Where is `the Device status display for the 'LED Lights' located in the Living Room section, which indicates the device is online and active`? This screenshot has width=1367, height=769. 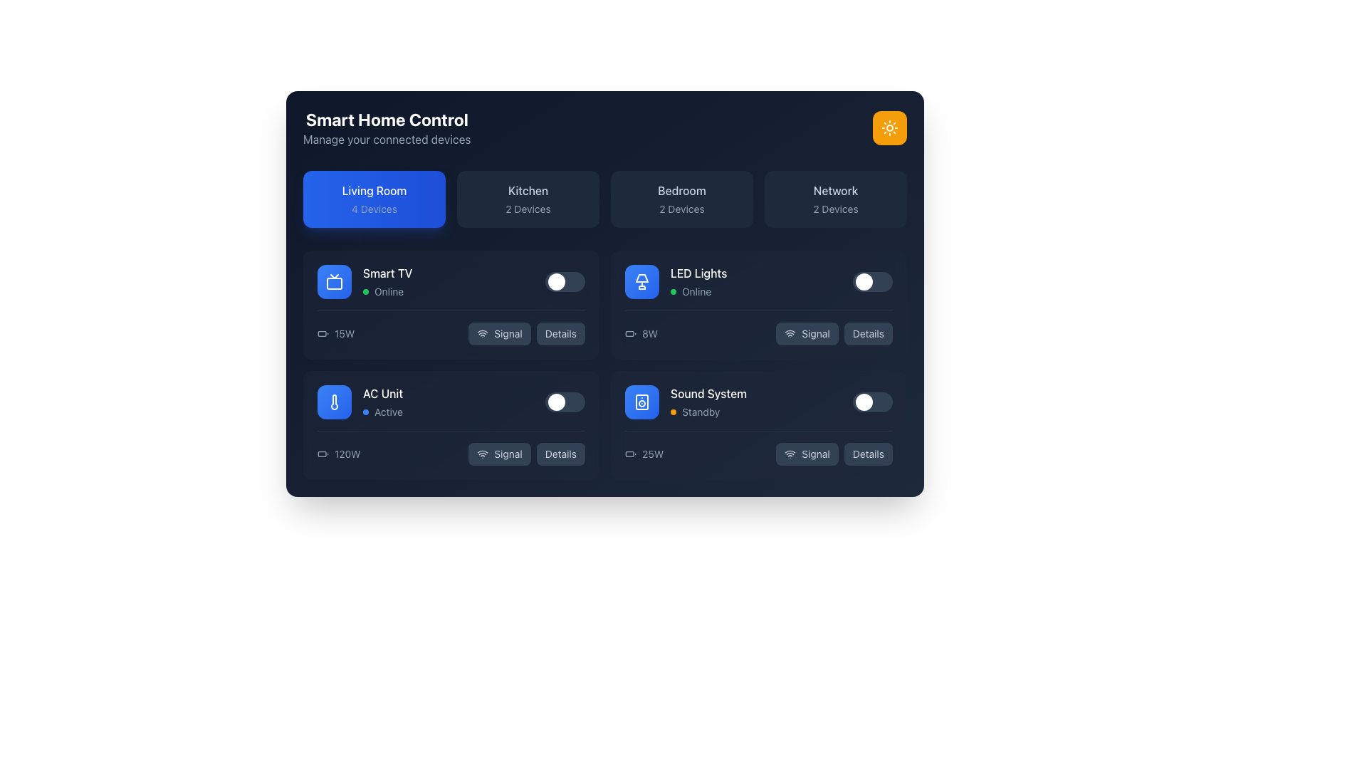 the Device status display for the 'LED Lights' located in the Living Room section, which indicates the device is online and active is located at coordinates (675, 282).